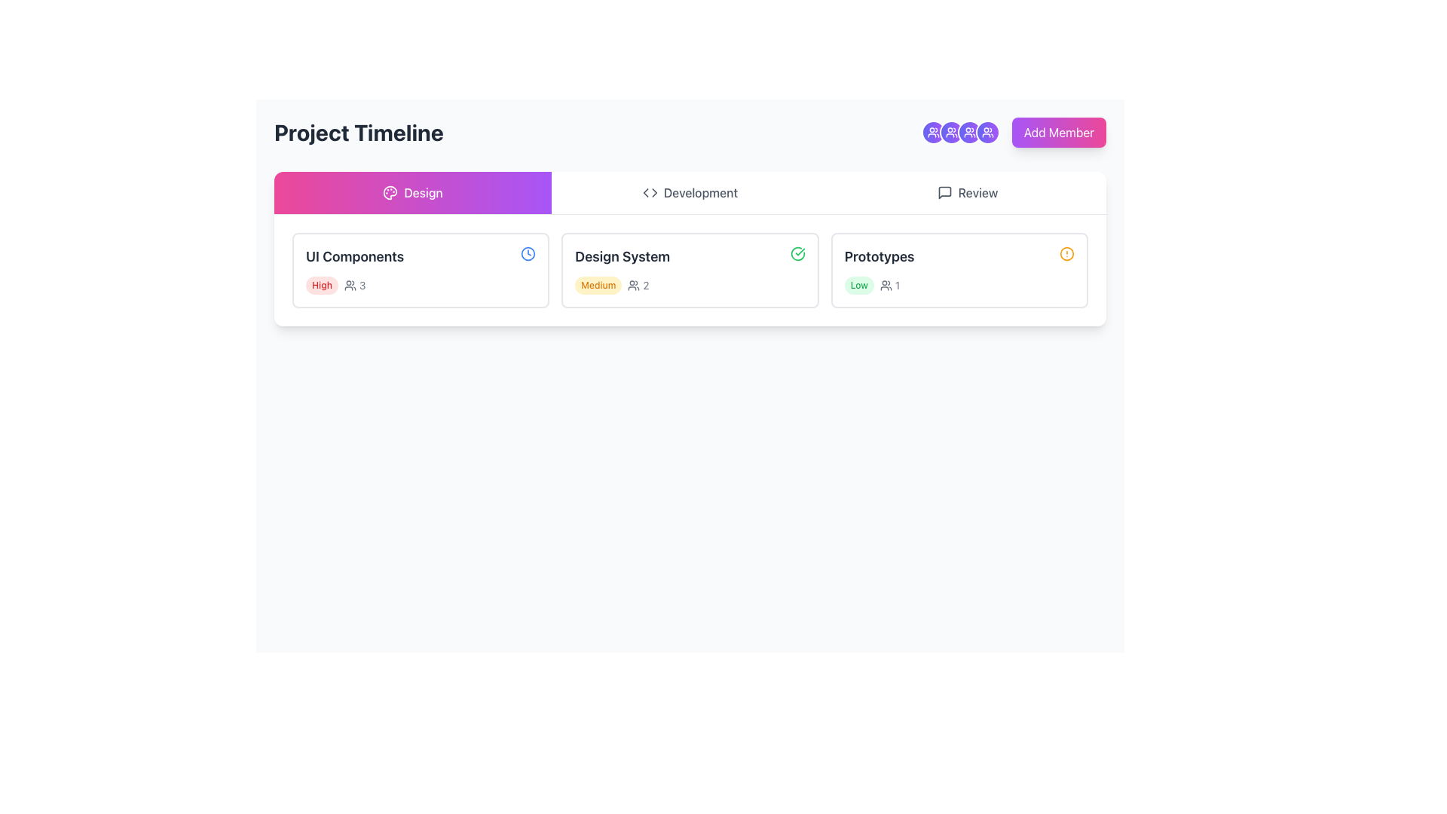 This screenshot has width=1447, height=814. Describe the element at coordinates (959, 132) in the screenshot. I see `the third circular user icon with a gradient background transitioning from indigo to purple, located at the top-right of the layout just to the left of the 'Add Member' button` at that location.